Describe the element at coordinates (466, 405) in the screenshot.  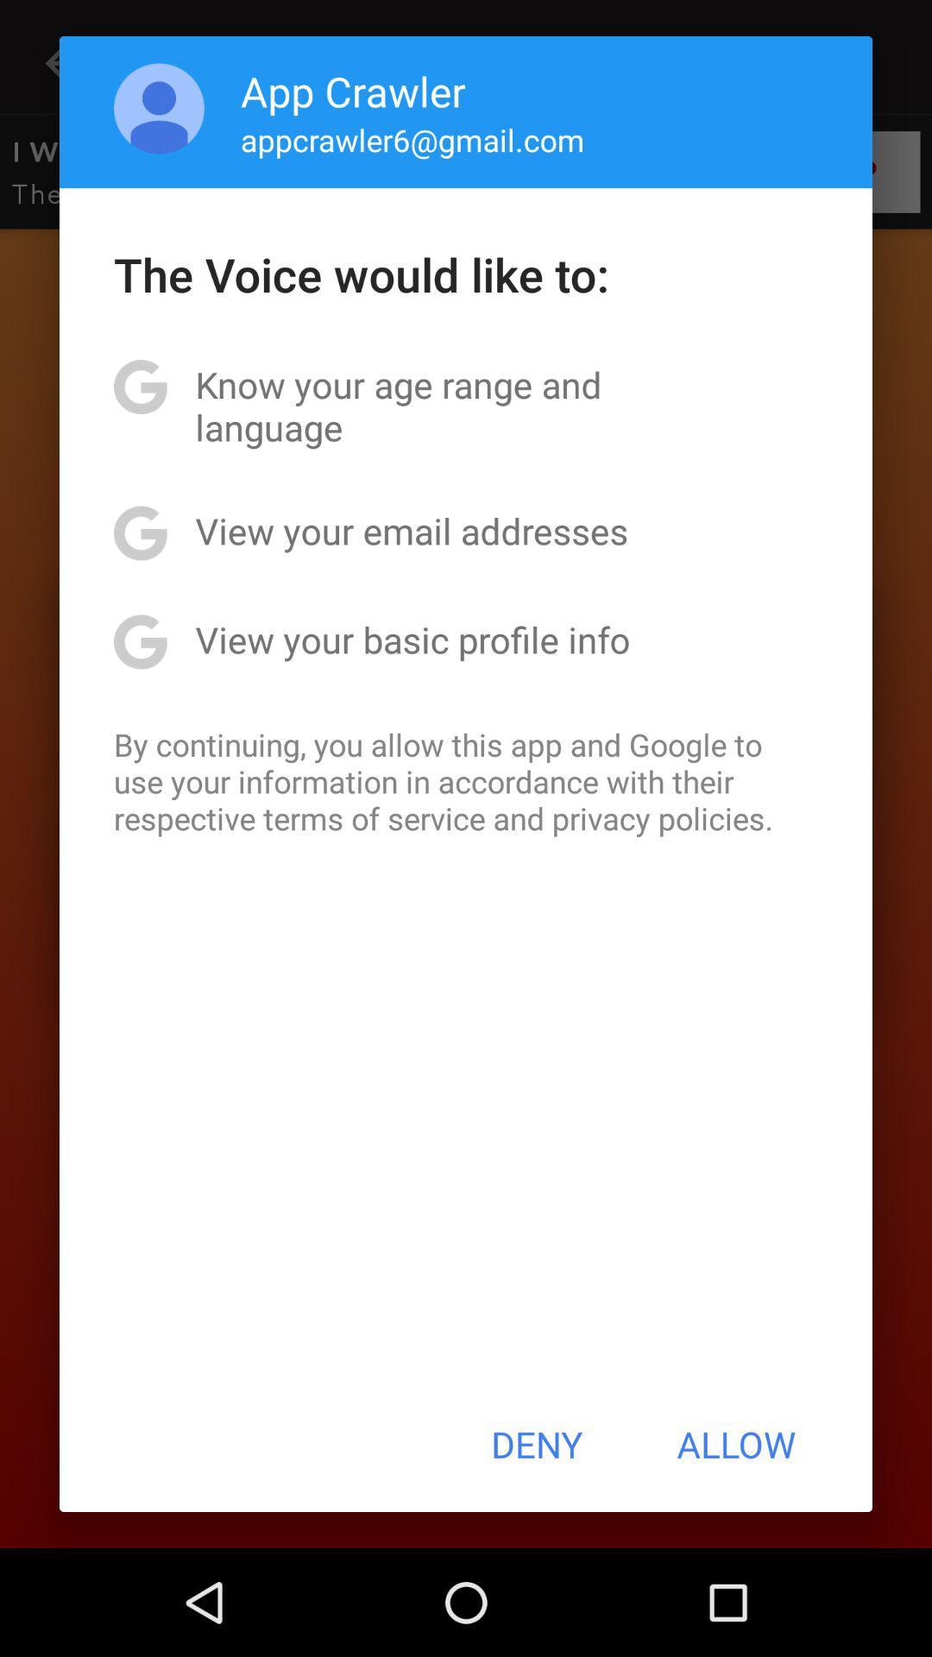
I see `app below the voice would item` at that location.